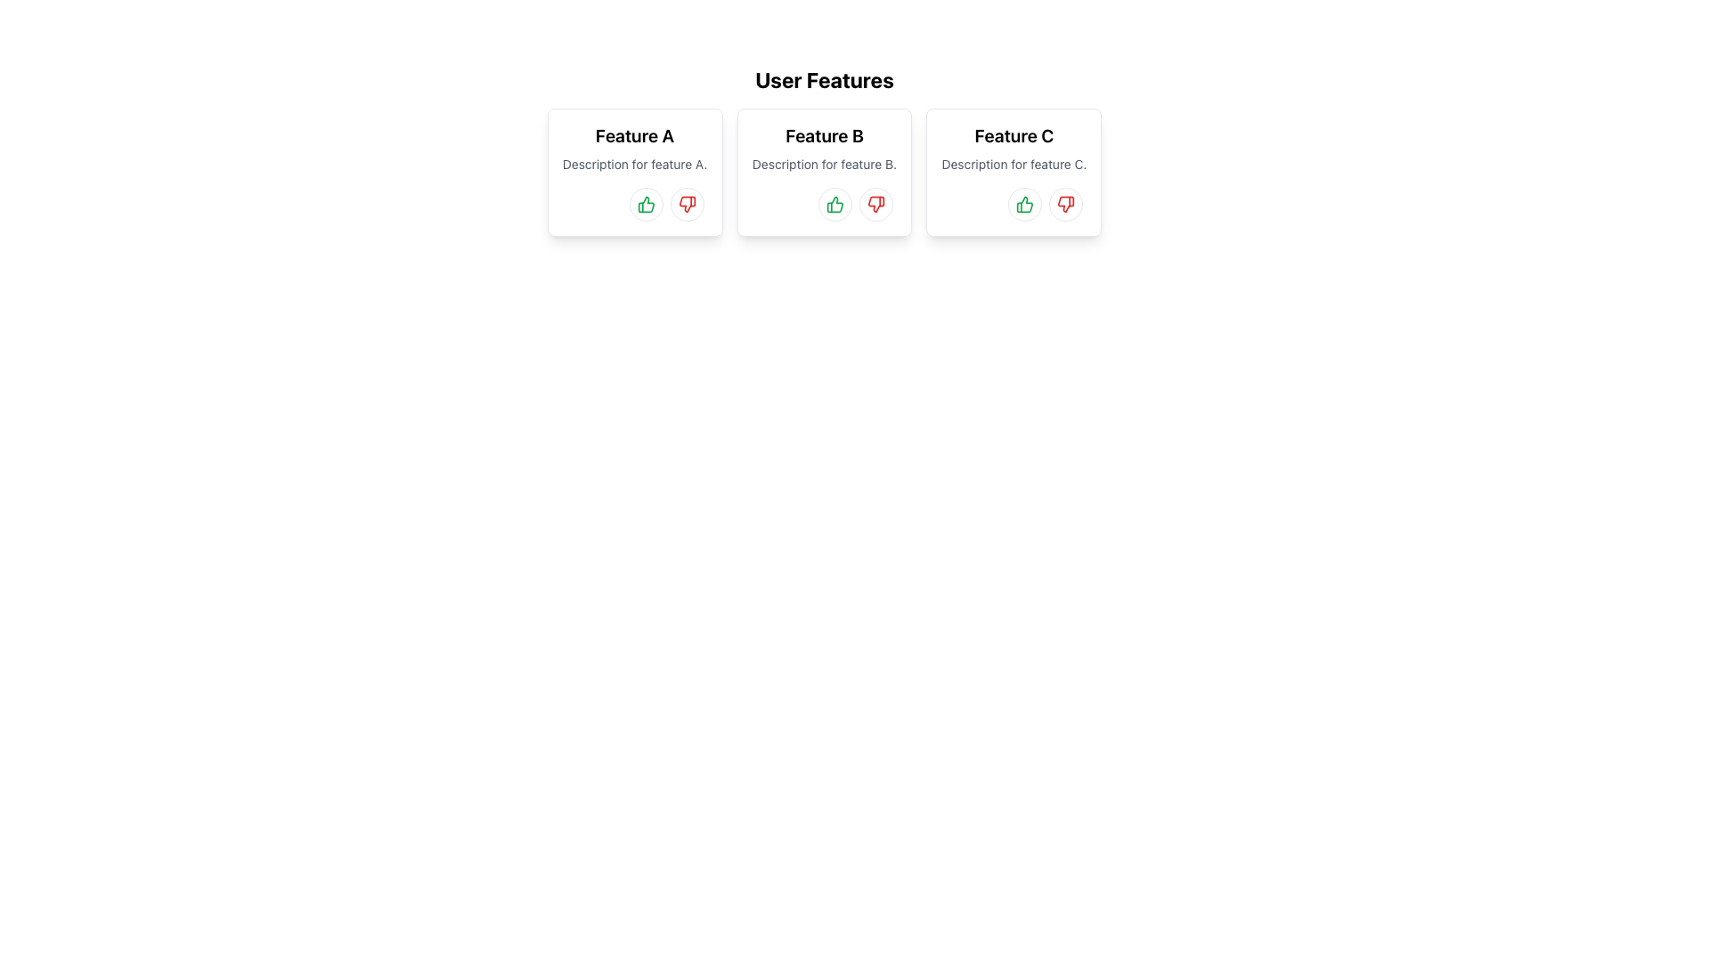 The width and height of the screenshot is (1710, 961). Describe the element at coordinates (1025, 204) in the screenshot. I see `the 'like' button for 'Feature C'` at that location.